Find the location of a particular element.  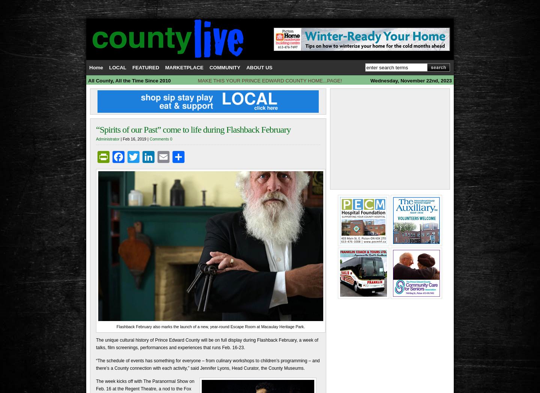

'Twitter' is located at coordinates (157, 156).